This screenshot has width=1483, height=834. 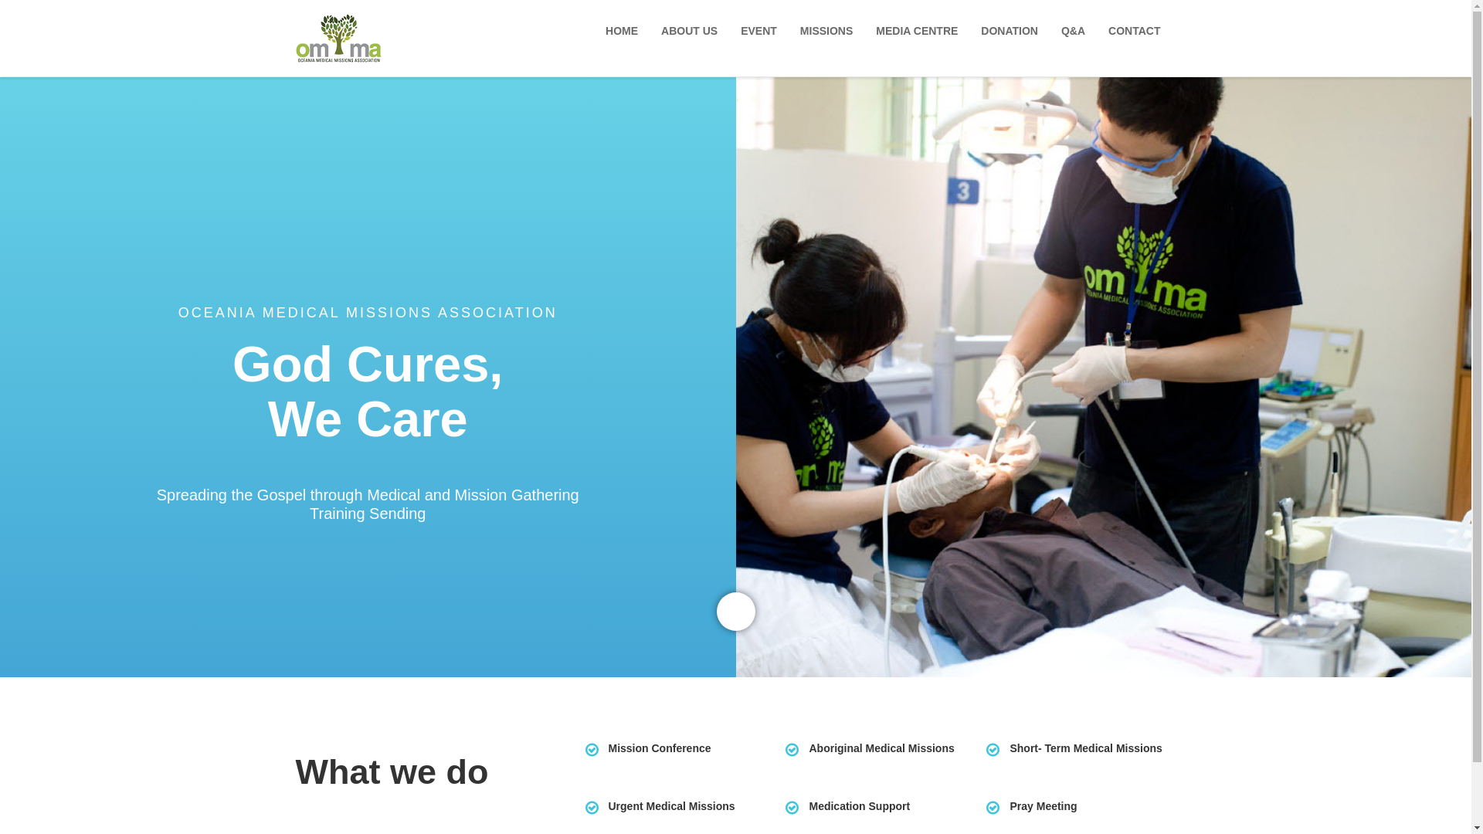 What do you see at coordinates (1076, 30) in the screenshot?
I see `'Q&A'` at bounding box center [1076, 30].